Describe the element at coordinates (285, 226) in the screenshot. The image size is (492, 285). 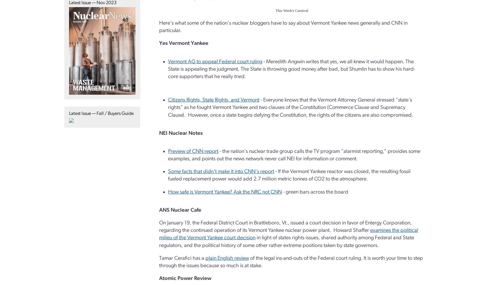
I see `'On January 19, the Federal District Court in Brattleboro, Vt., issued a court decision in favor of Entergy Corporation, regarding the continued operation of its Vermont Yankee nuclear power plant.  Howard Shaffer'` at that location.